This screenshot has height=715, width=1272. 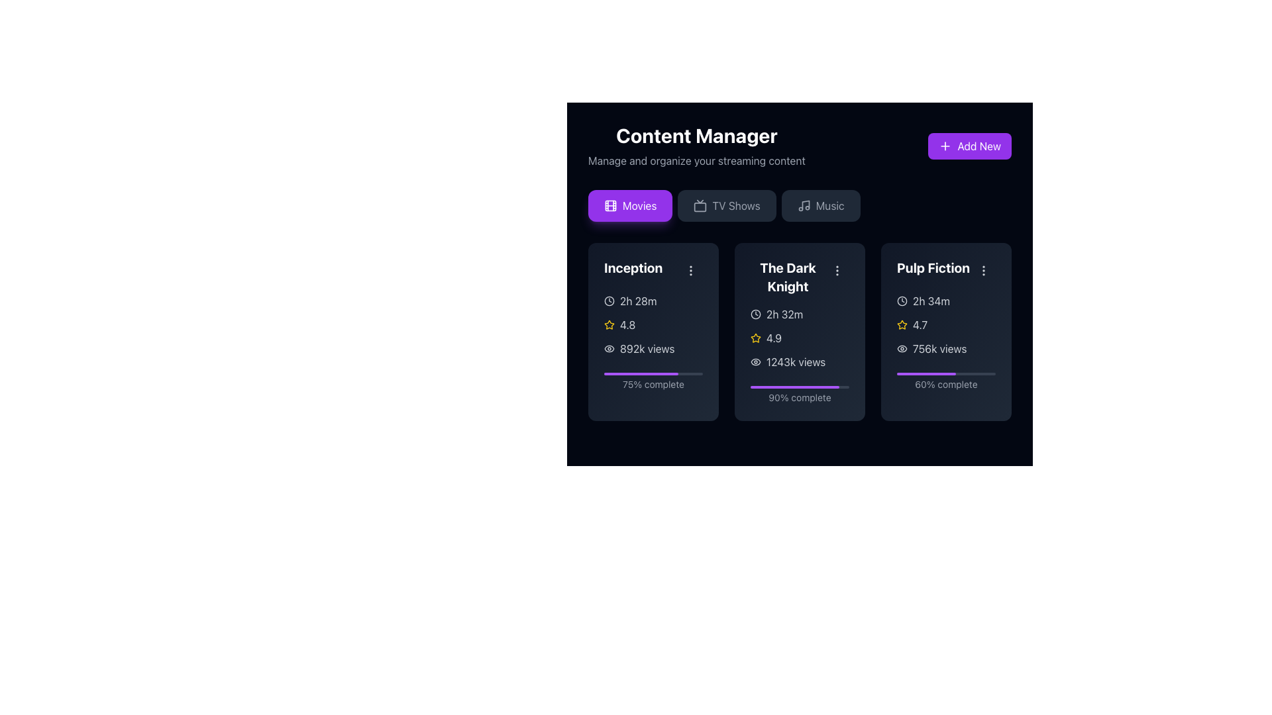 What do you see at coordinates (653, 301) in the screenshot?
I see `the static informational label displaying the time '2h 28m' with a clock icon, located in the top-left section of the 'Inception' movie card` at bounding box center [653, 301].